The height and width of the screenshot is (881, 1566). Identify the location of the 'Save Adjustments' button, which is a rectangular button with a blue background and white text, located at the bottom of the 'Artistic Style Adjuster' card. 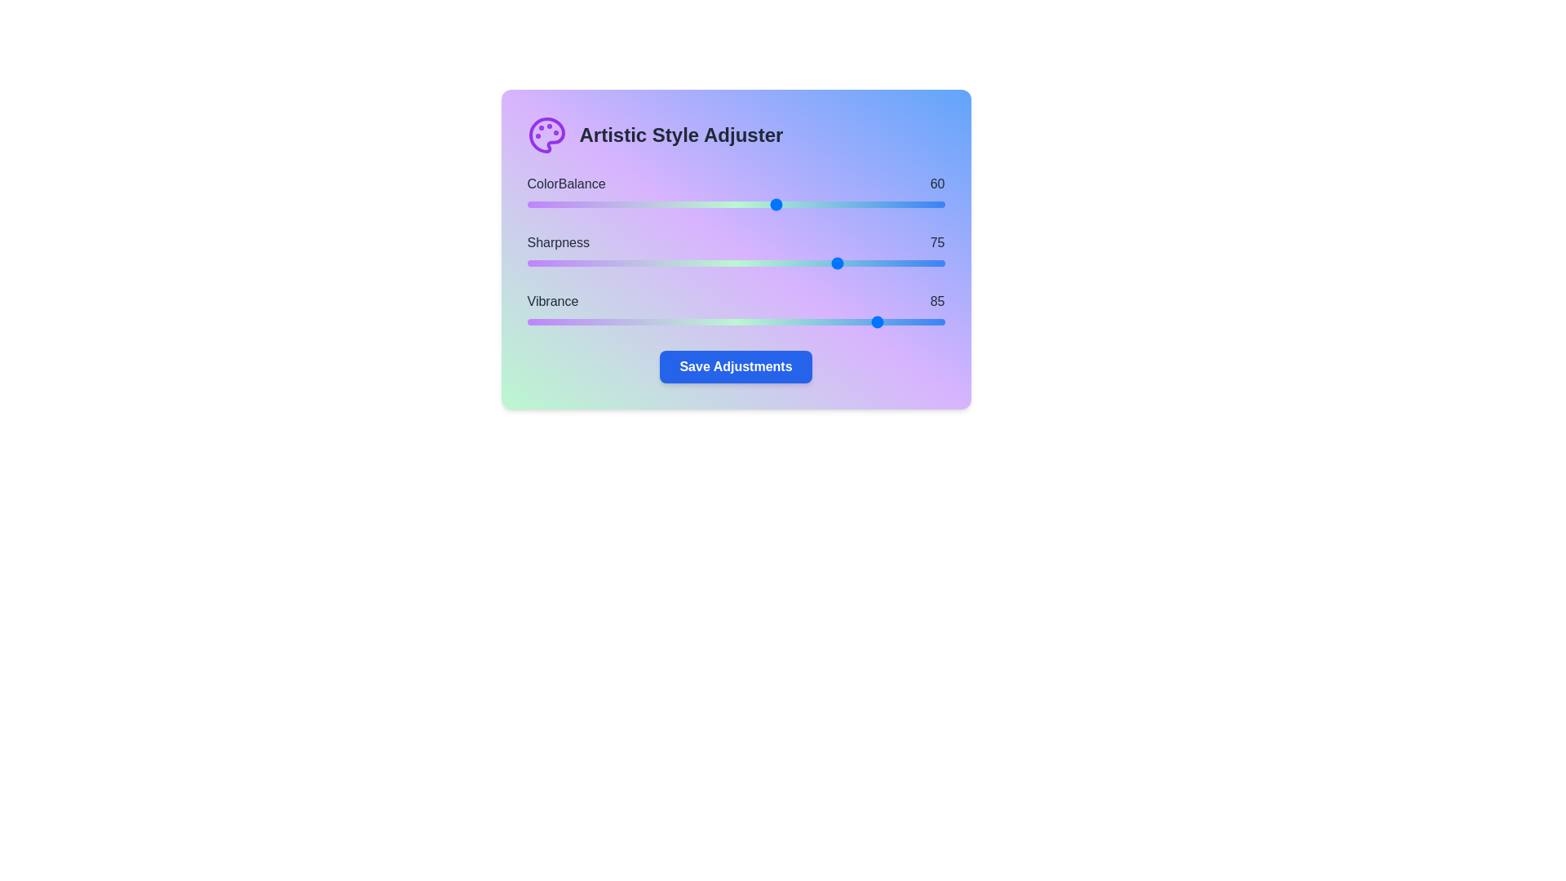
(735, 367).